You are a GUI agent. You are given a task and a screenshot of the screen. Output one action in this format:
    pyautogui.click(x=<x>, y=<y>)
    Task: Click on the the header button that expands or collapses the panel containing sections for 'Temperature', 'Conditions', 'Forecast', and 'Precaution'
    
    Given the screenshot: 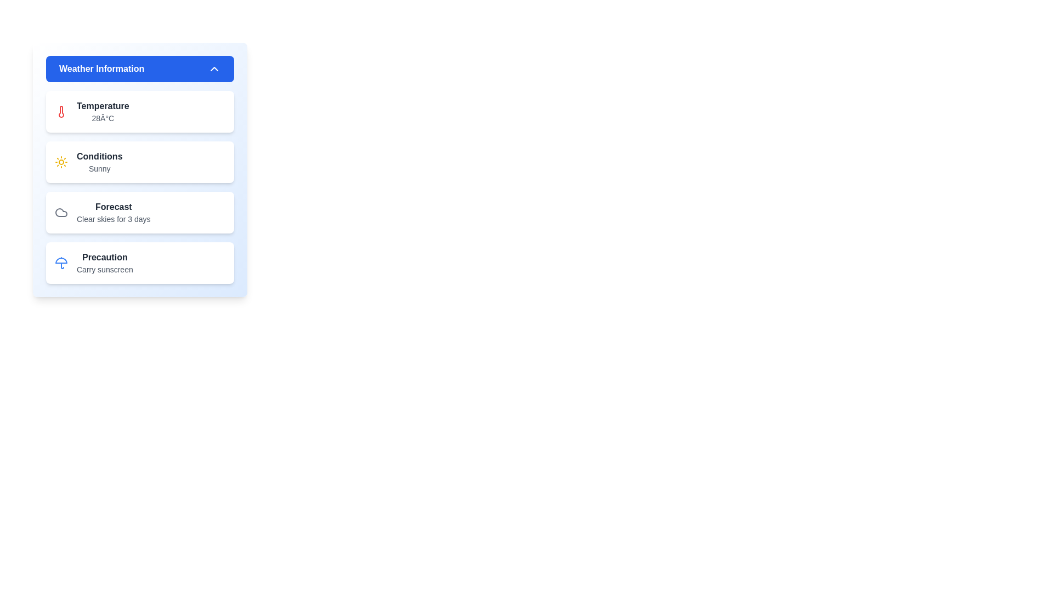 What is the action you would take?
    pyautogui.click(x=139, y=69)
    